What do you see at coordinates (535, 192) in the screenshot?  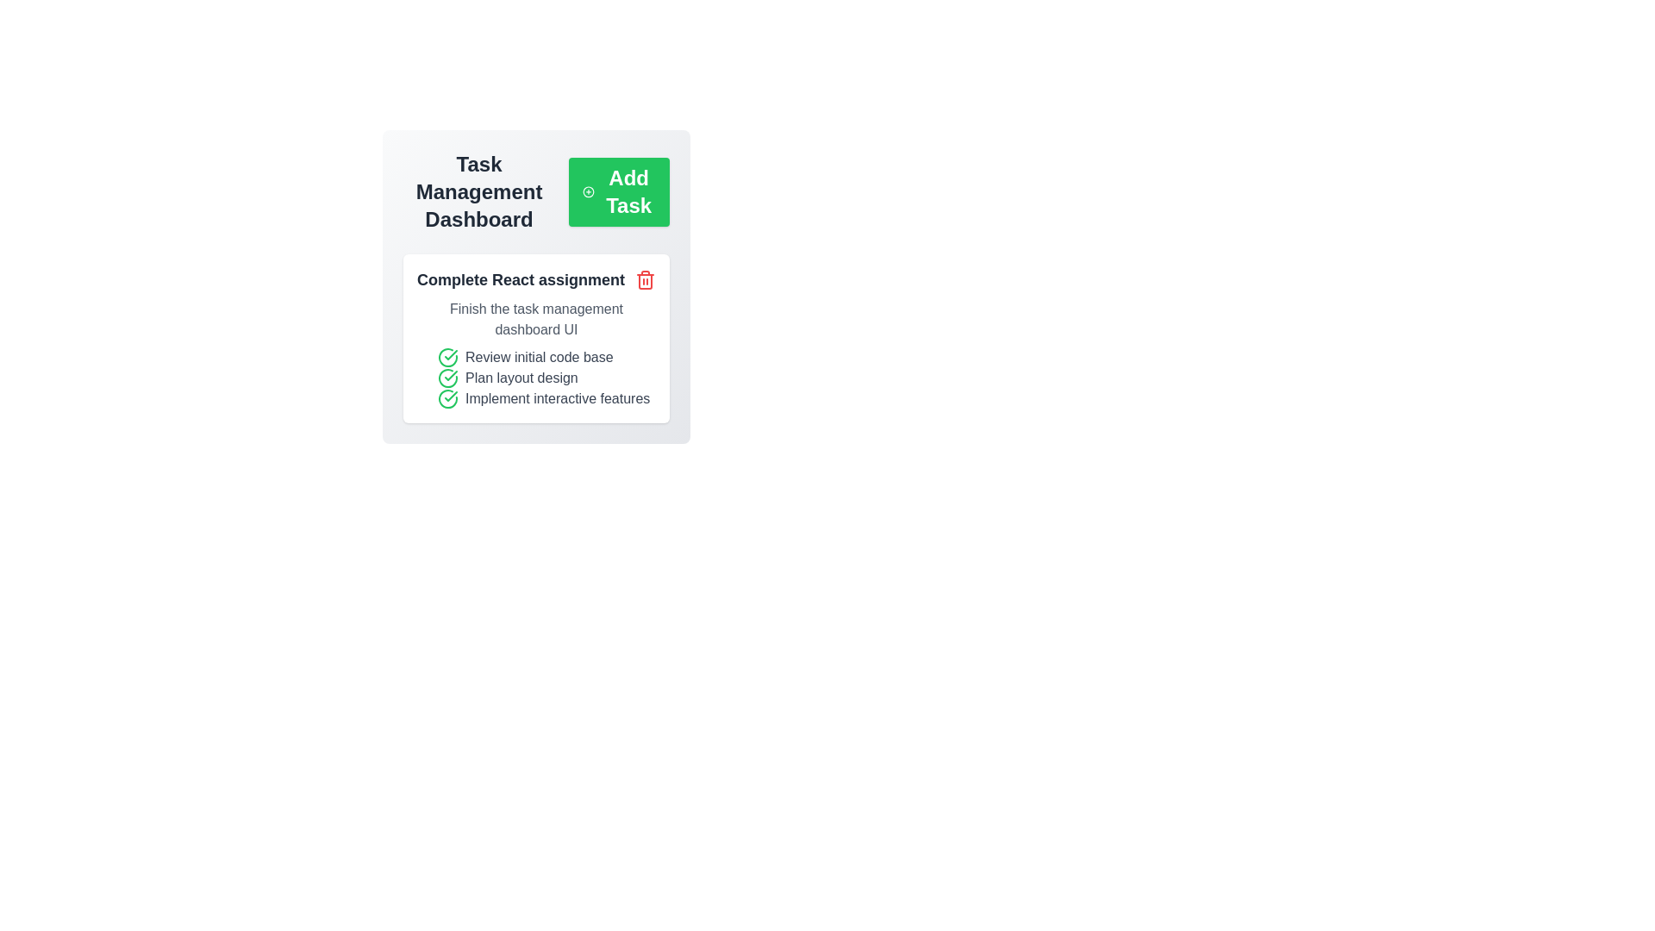 I see `the header element titled 'Task Management Dashboard' which includes the 'Add Task' button on the right side` at bounding box center [535, 192].